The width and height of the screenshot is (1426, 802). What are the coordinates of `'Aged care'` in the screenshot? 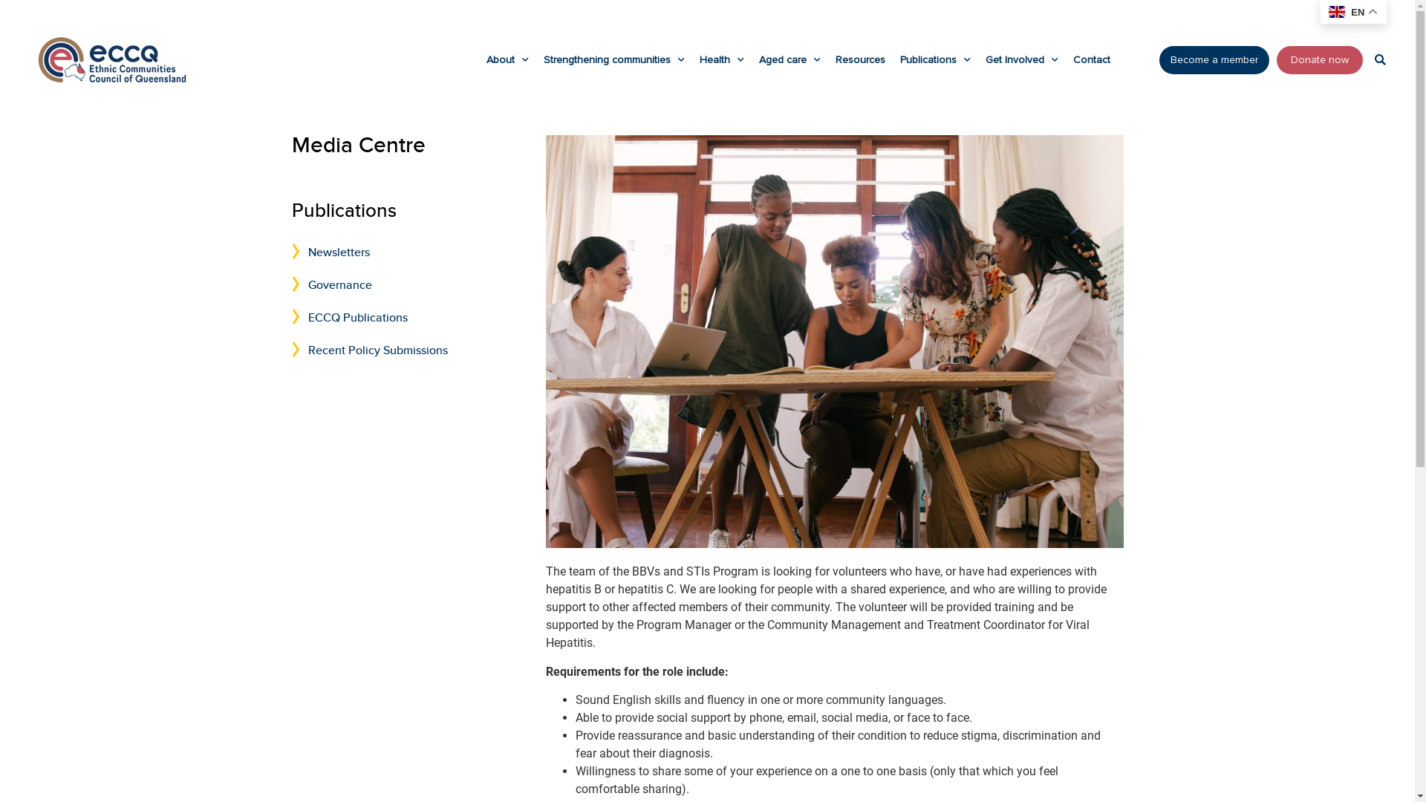 It's located at (789, 59).